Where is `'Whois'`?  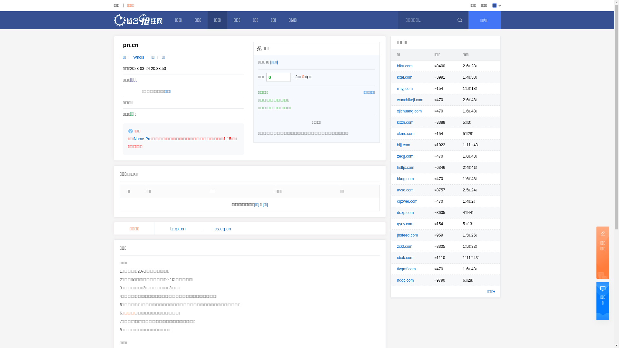 'Whois' is located at coordinates (138, 57).